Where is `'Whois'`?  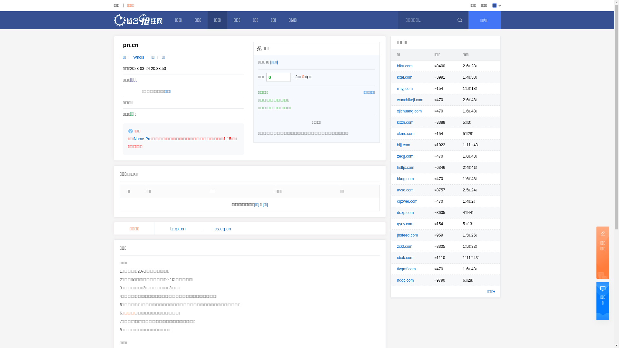 'Whois' is located at coordinates (138, 57).